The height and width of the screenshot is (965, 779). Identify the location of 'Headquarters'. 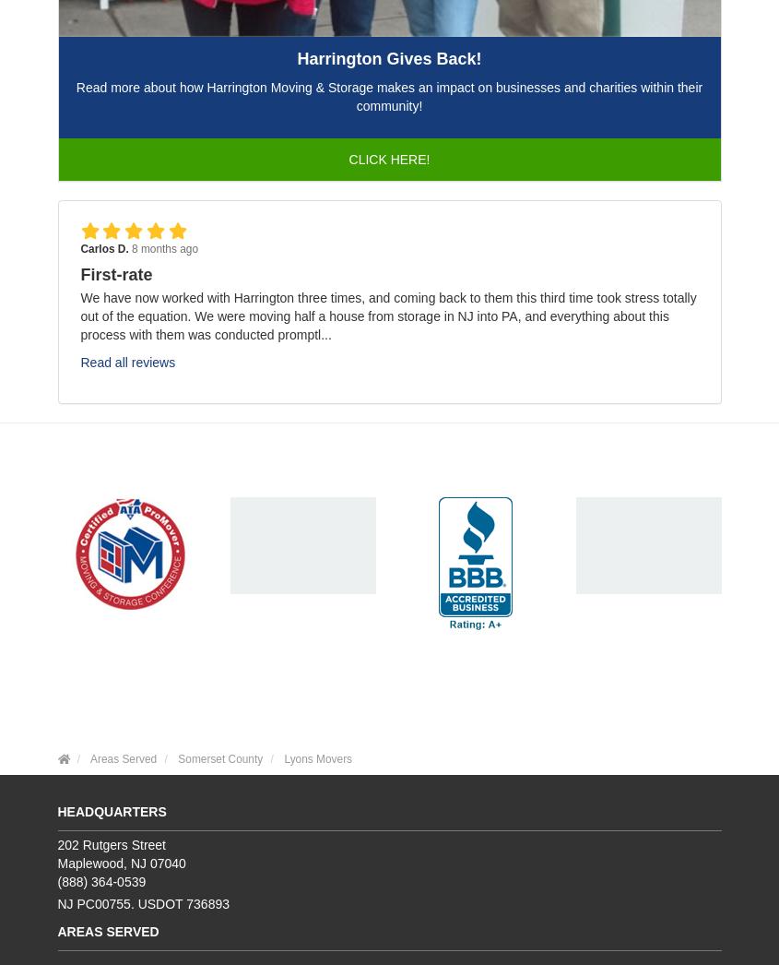
(112, 810).